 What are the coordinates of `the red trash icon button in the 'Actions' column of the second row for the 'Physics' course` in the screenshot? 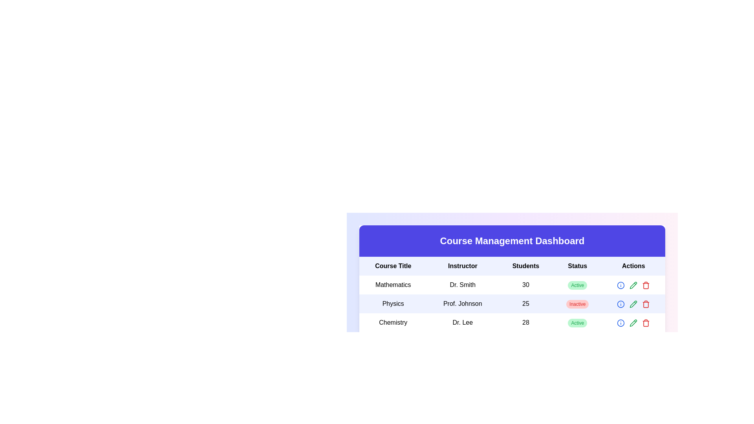 It's located at (646, 303).